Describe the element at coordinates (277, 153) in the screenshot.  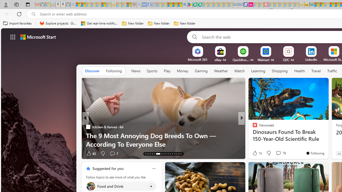
I see `'View comments 3 Comment'` at that location.